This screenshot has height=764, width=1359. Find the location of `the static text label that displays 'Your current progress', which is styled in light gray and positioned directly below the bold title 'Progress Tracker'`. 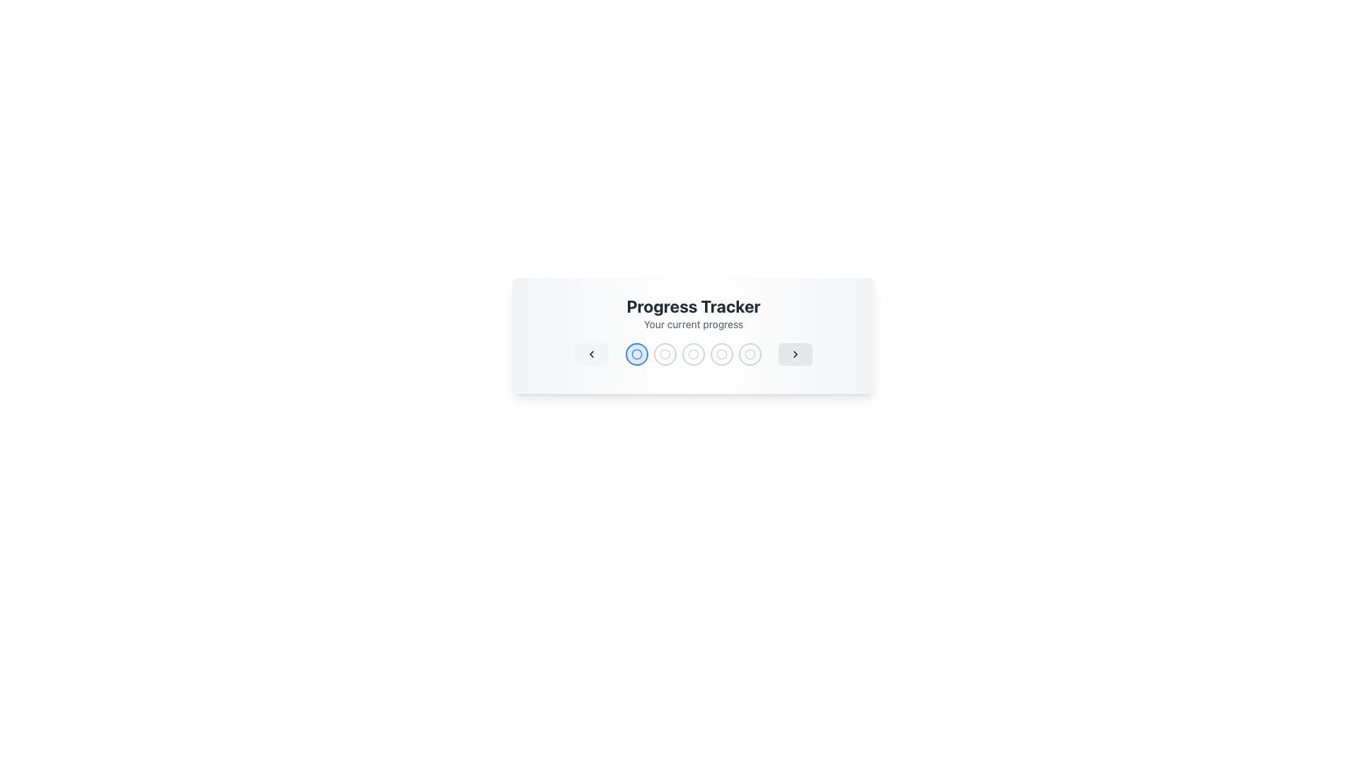

the static text label that displays 'Your current progress', which is styled in light gray and positioned directly below the bold title 'Progress Tracker' is located at coordinates (693, 325).